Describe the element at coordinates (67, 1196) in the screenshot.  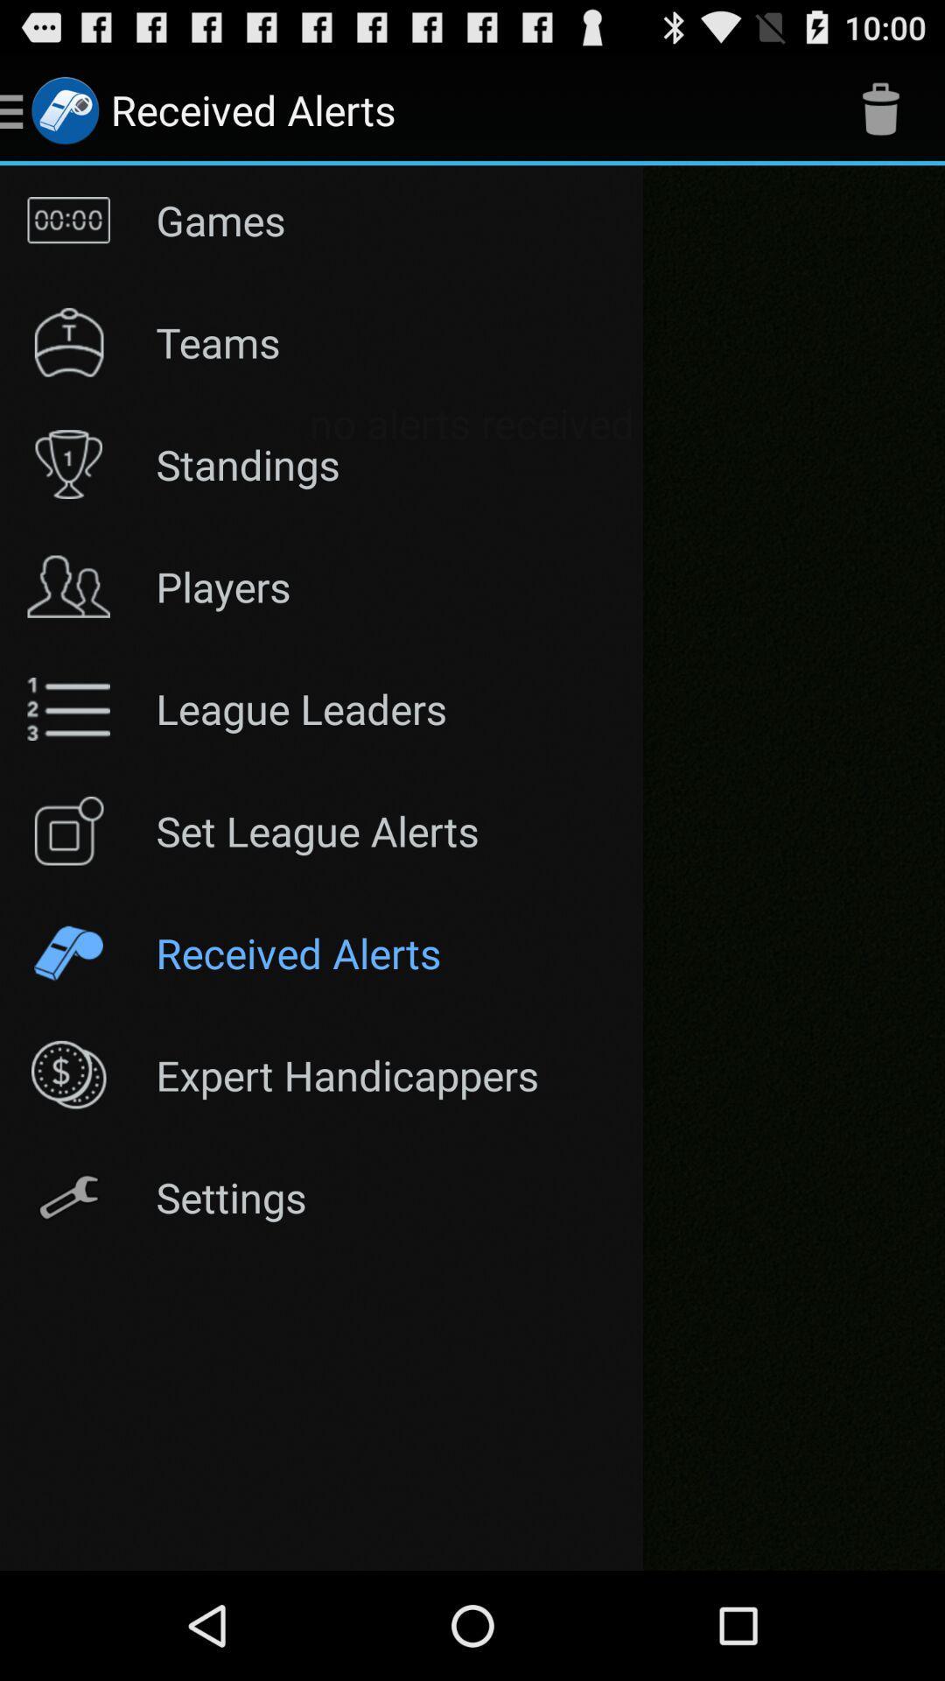
I see `the icon which is left side of settings` at that location.